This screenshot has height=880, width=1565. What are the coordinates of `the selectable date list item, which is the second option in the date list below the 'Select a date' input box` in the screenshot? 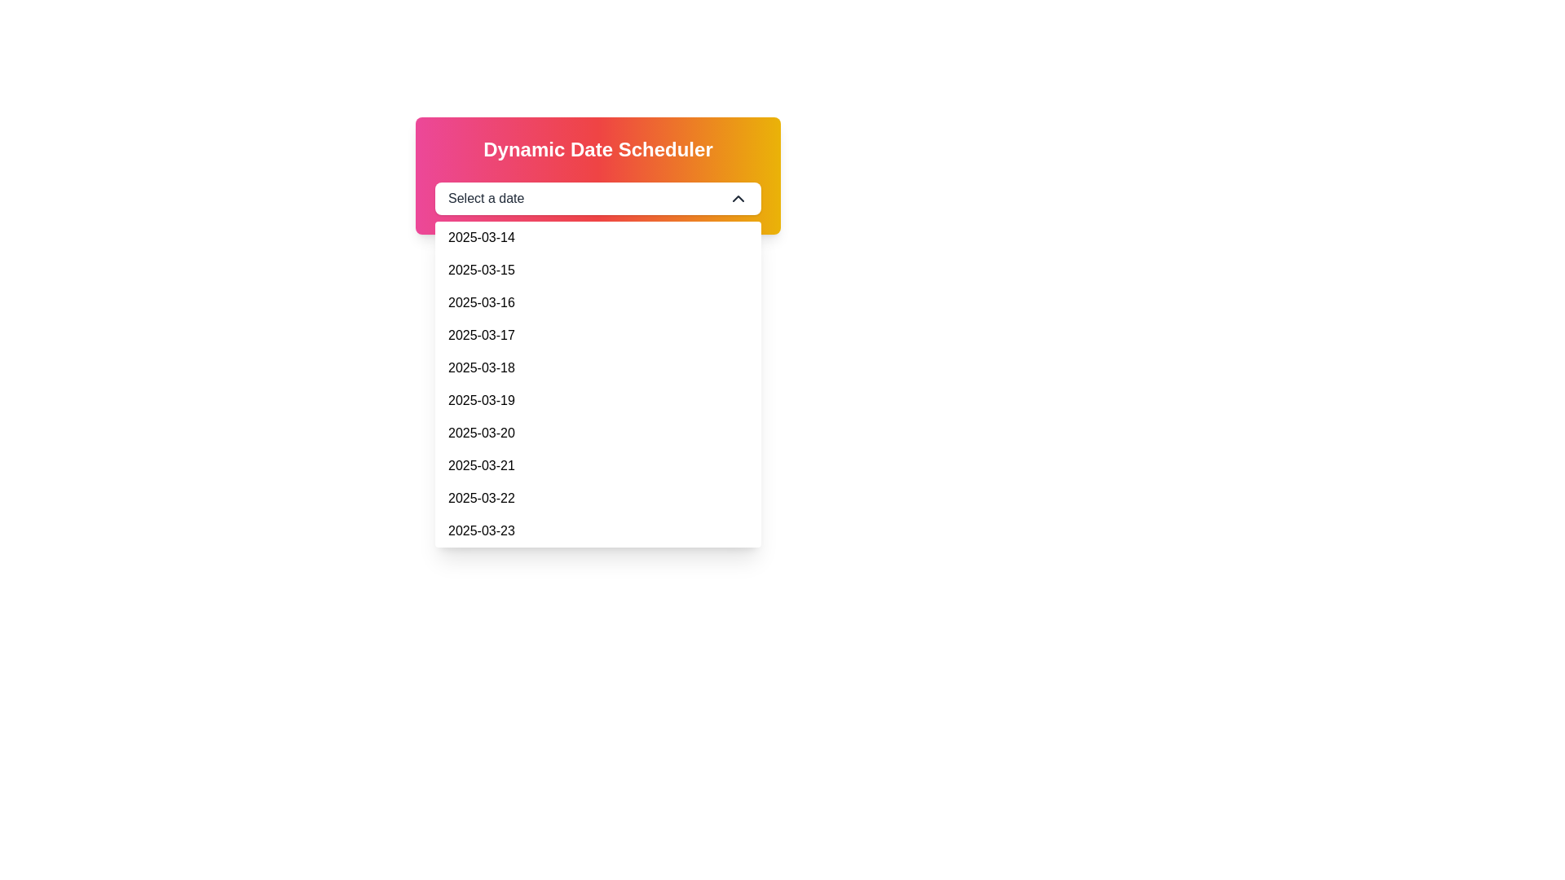 It's located at (480, 269).